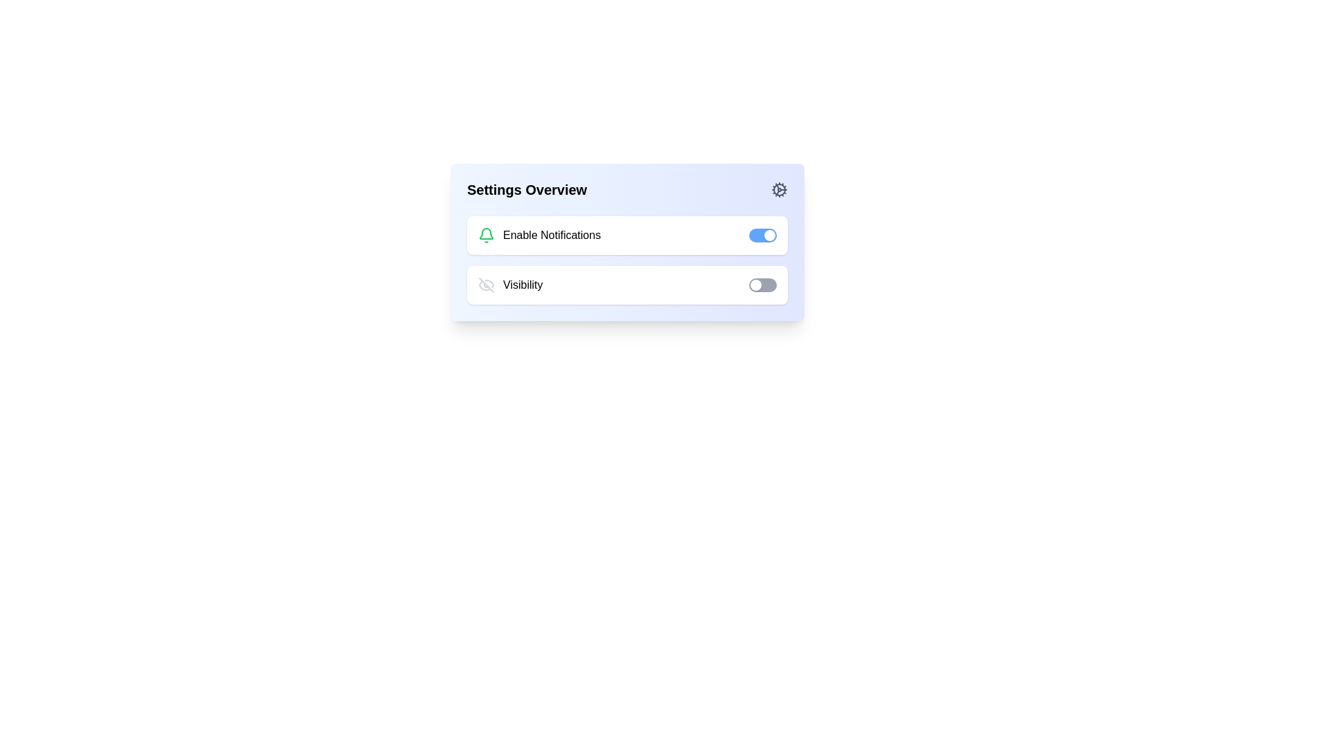 This screenshot has width=1327, height=746. What do you see at coordinates (762, 284) in the screenshot?
I see `the second toggle switch styled with rounded edges and a gray background, indicating the 'off' state, positioned below the 'Enable Notifications' toggle and within the 'Visibility' settings` at bounding box center [762, 284].